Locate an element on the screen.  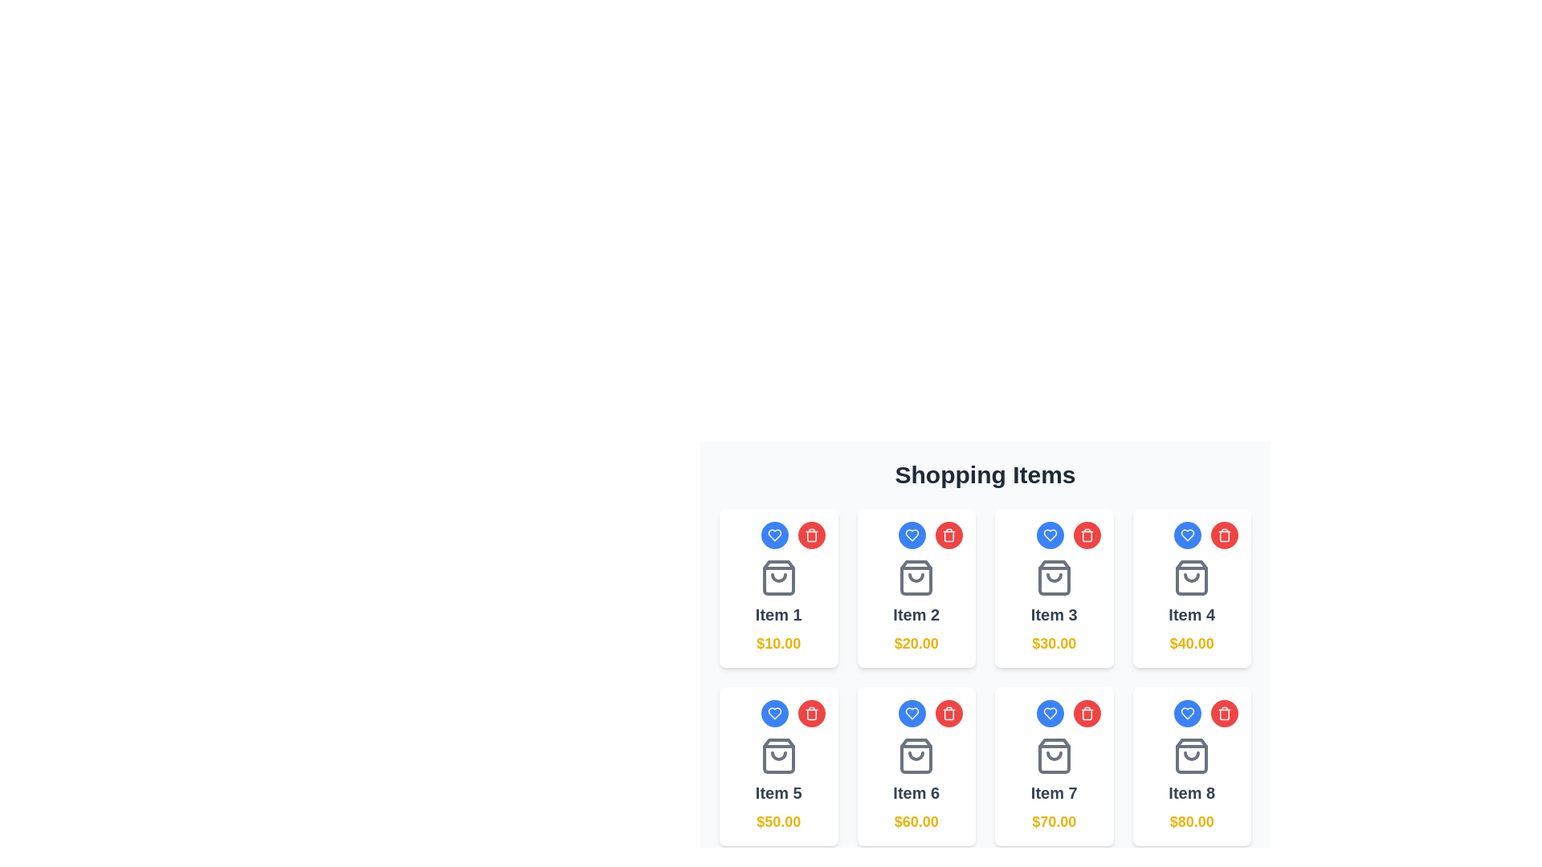
the red circular icon button with a trash can icon located in the top-right corner of the third item in the top row of a 4x2 grid layout is located at coordinates (1087, 535).